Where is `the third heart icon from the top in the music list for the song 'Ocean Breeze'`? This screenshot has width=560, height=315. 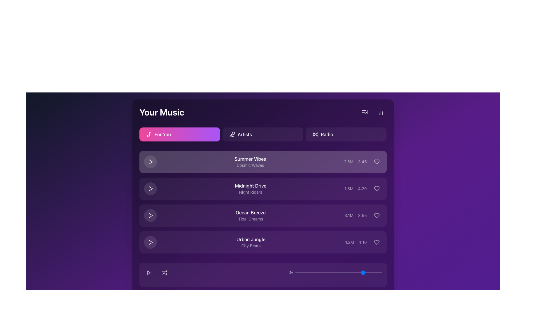 the third heart icon from the top in the music list for the song 'Ocean Breeze' is located at coordinates (377, 216).